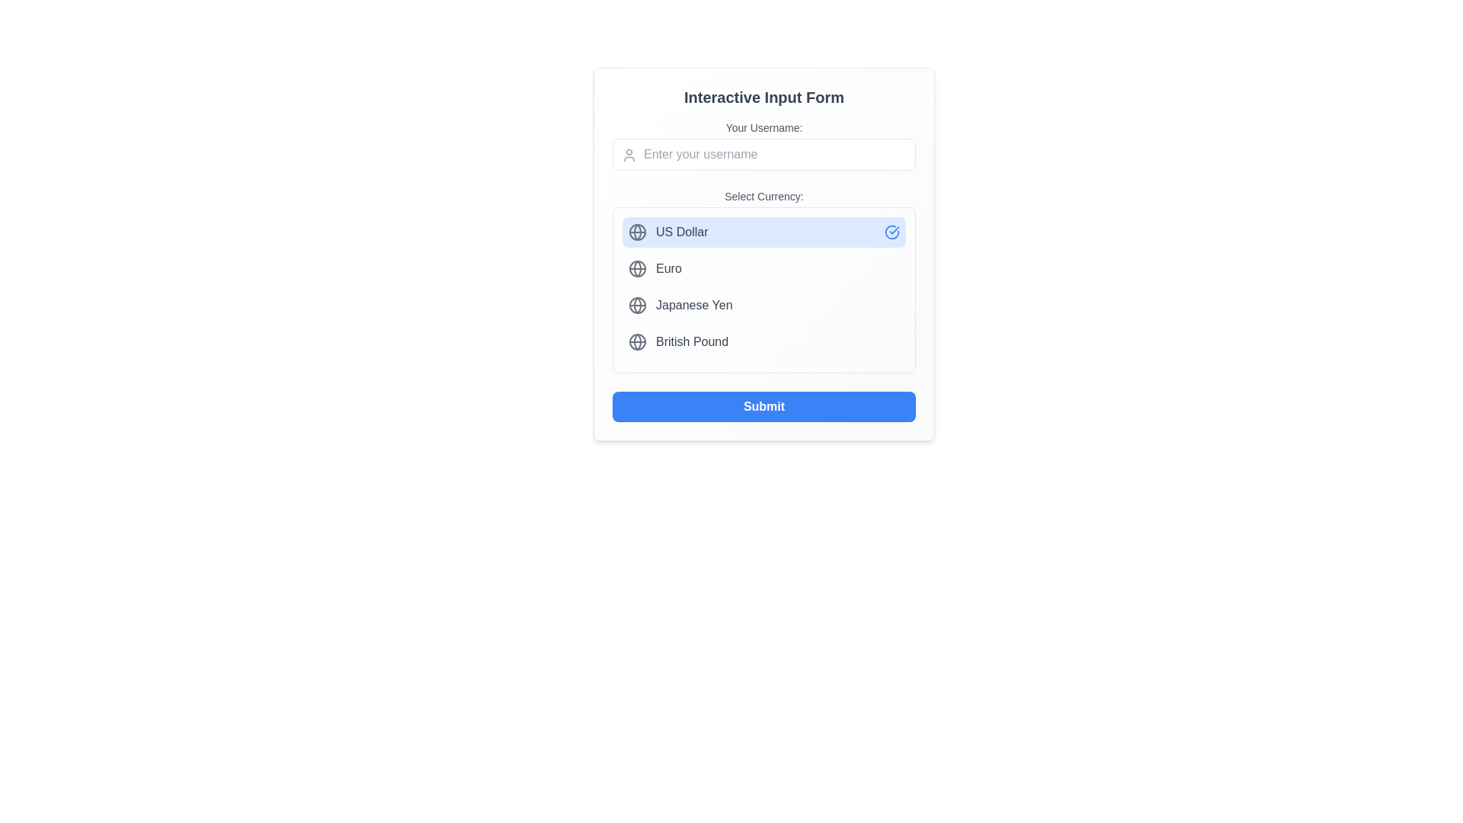 The image size is (1463, 823). What do you see at coordinates (637, 341) in the screenshot?
I see `the globe icon, which is a circular component styled as an icon, located before the text 'US Dollar' in the currency selection dropdown list` at bounding box center [637, 341].